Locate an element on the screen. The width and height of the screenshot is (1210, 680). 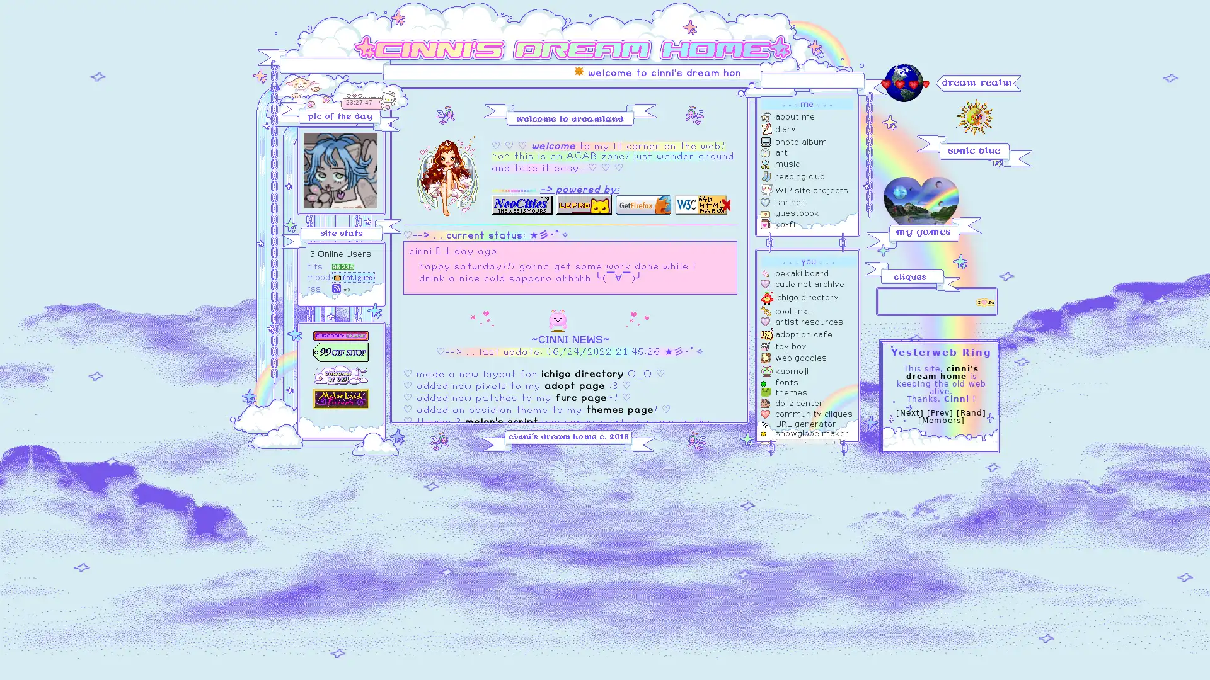
experimental is located at coordinates (808, 444).